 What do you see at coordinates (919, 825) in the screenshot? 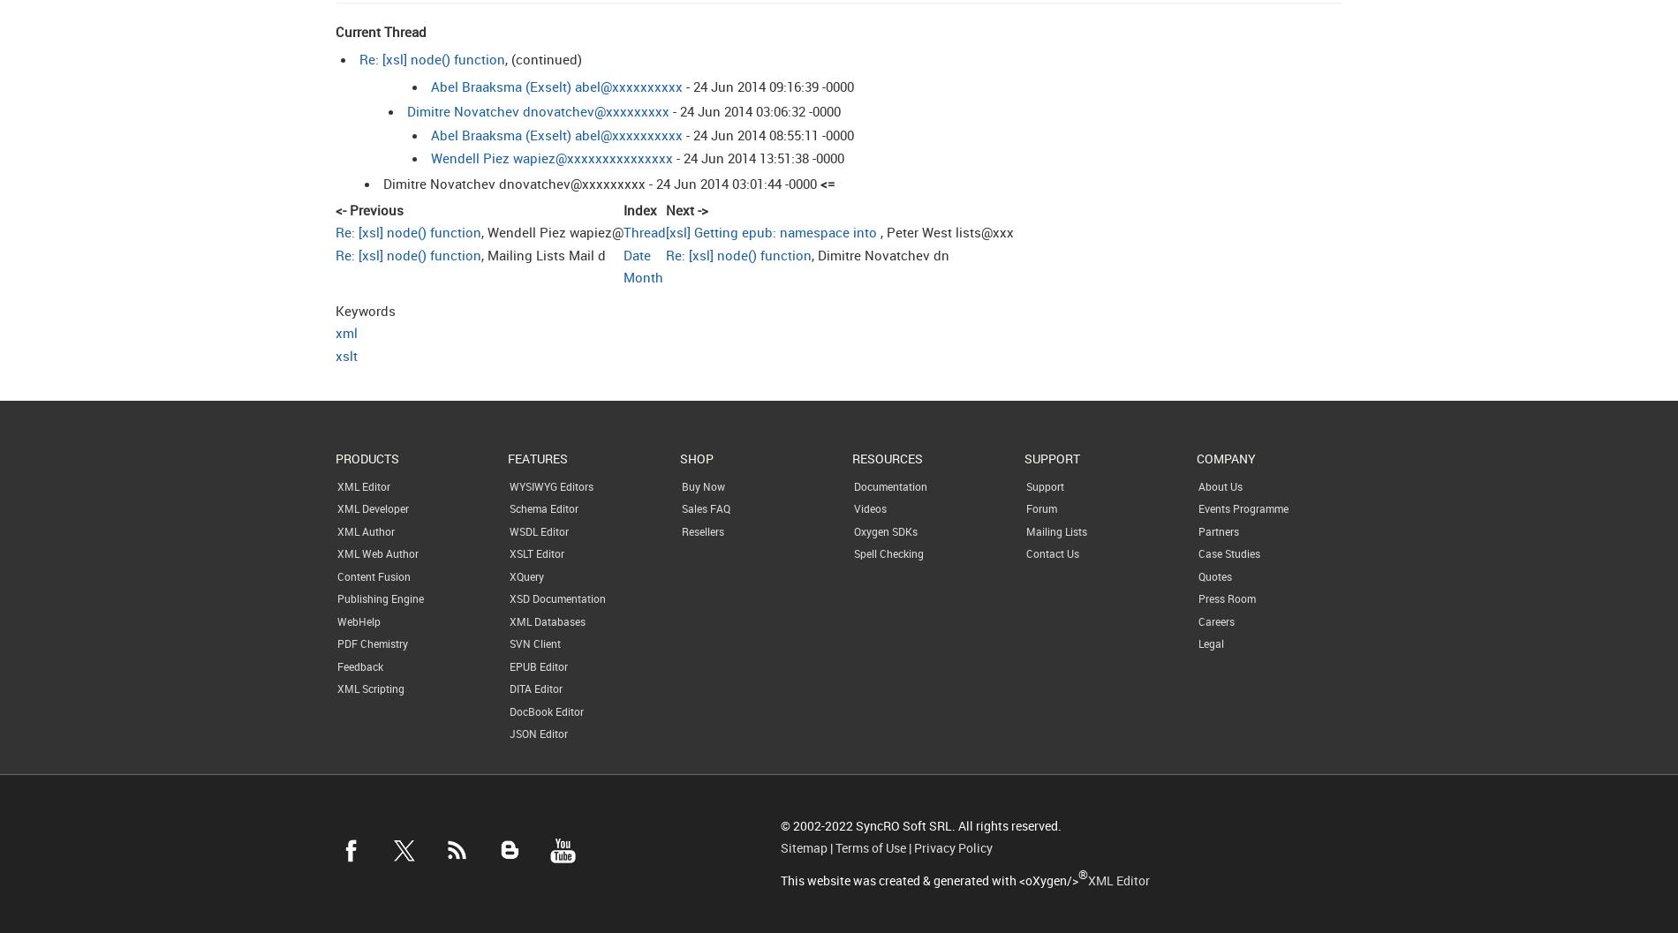
I see `'© 2002-2022 SyncRO Soft SRL. All rights reserved.'` at bounding box center [919, 825].